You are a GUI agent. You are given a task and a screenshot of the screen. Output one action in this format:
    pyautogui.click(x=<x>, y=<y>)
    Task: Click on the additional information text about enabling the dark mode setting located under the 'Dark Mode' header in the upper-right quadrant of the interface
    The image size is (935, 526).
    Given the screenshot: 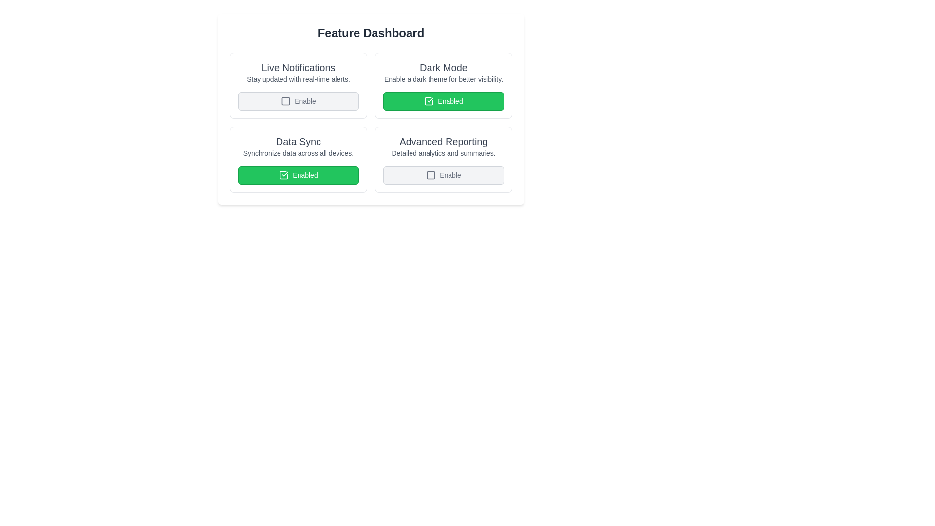 What is the action you would take?
    pyautogui.click(x=443, y=78)
    